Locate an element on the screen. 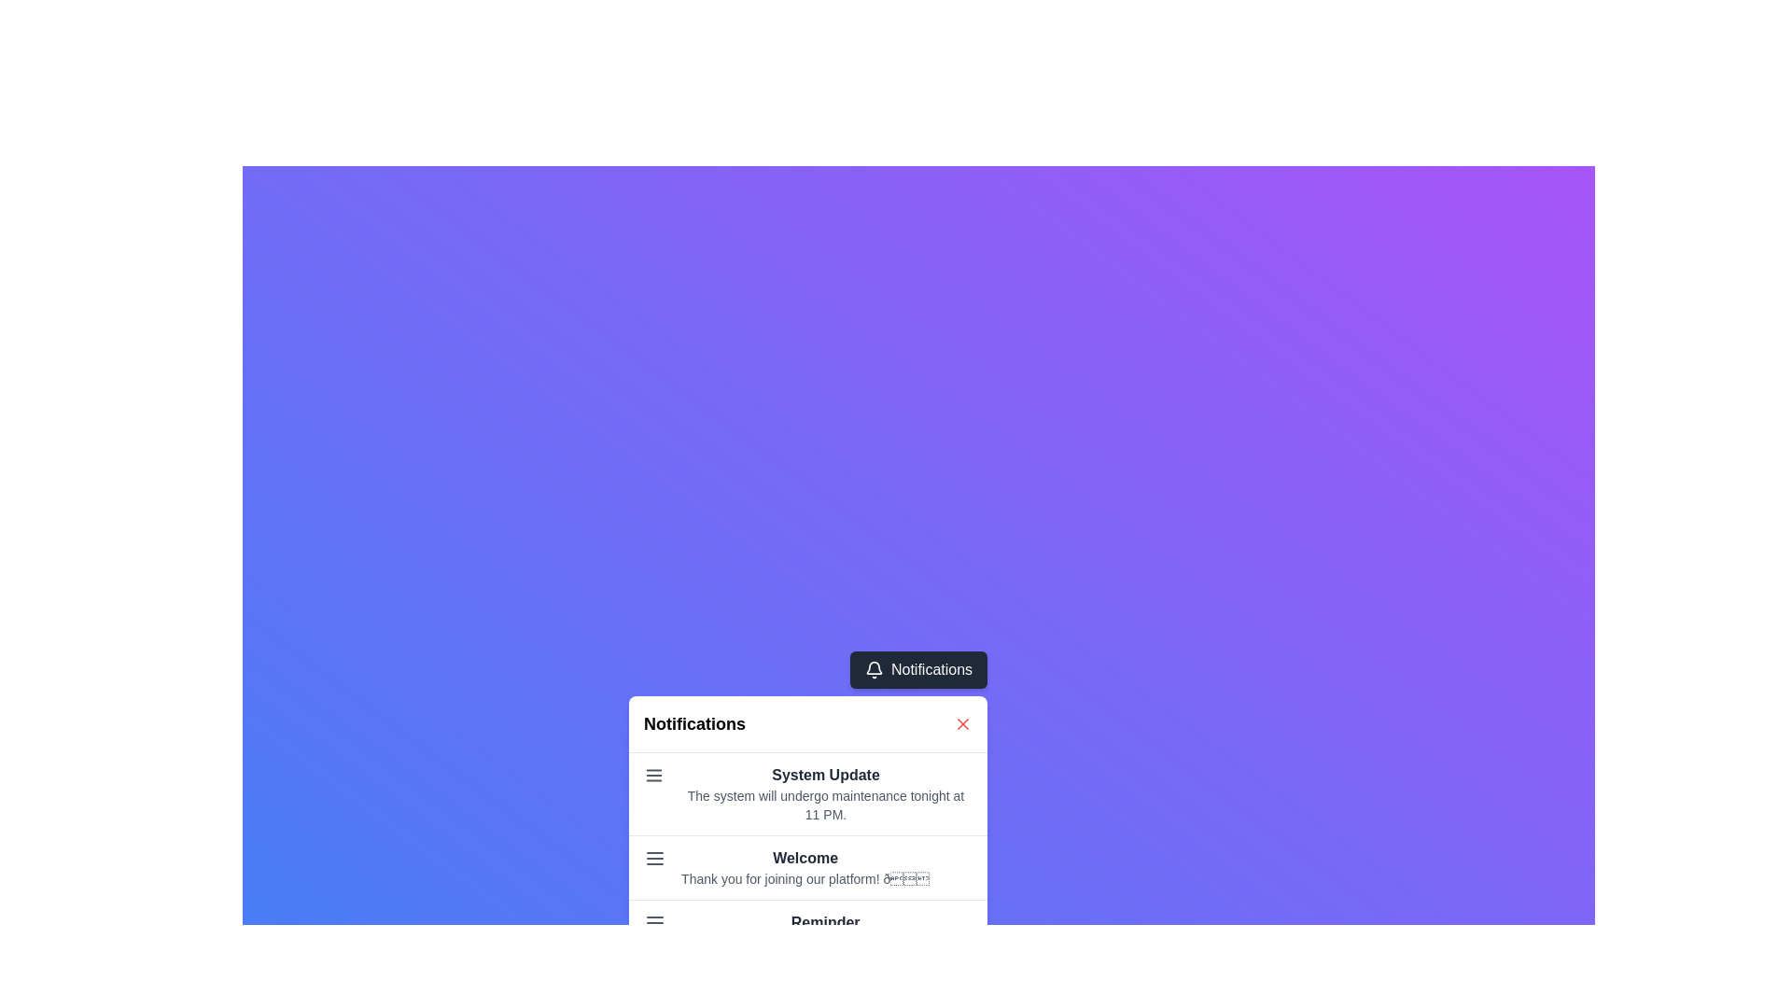 This screenshot has height=1008, width=1792. the close button icon styled as an 'X' located in the upper-right corner of the notifications drop-down panel to potentially see a tooltip or visual emphasis is located at coordinates (963, 722).